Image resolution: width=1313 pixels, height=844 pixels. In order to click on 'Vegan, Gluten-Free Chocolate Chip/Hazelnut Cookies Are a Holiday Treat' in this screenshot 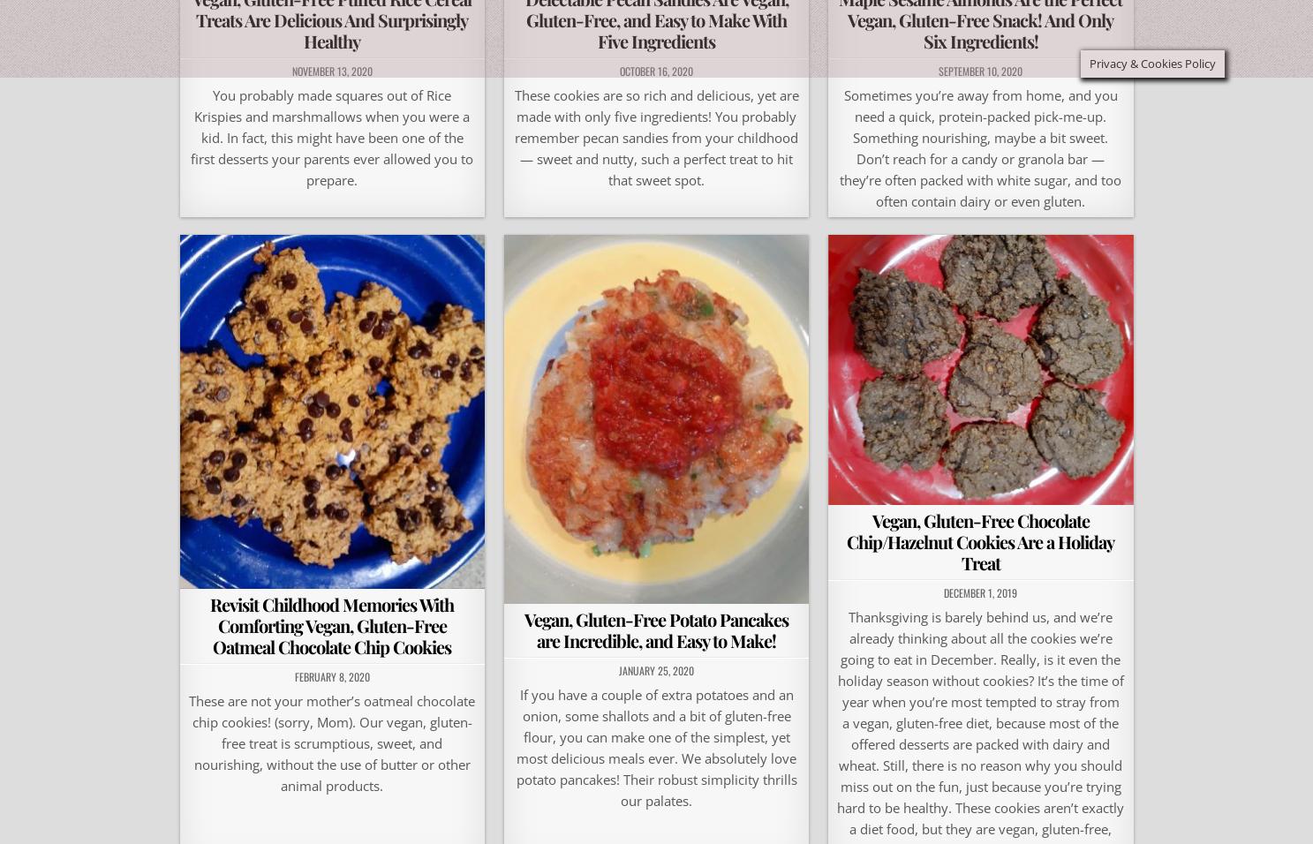, I will do `click(846, 540)`.